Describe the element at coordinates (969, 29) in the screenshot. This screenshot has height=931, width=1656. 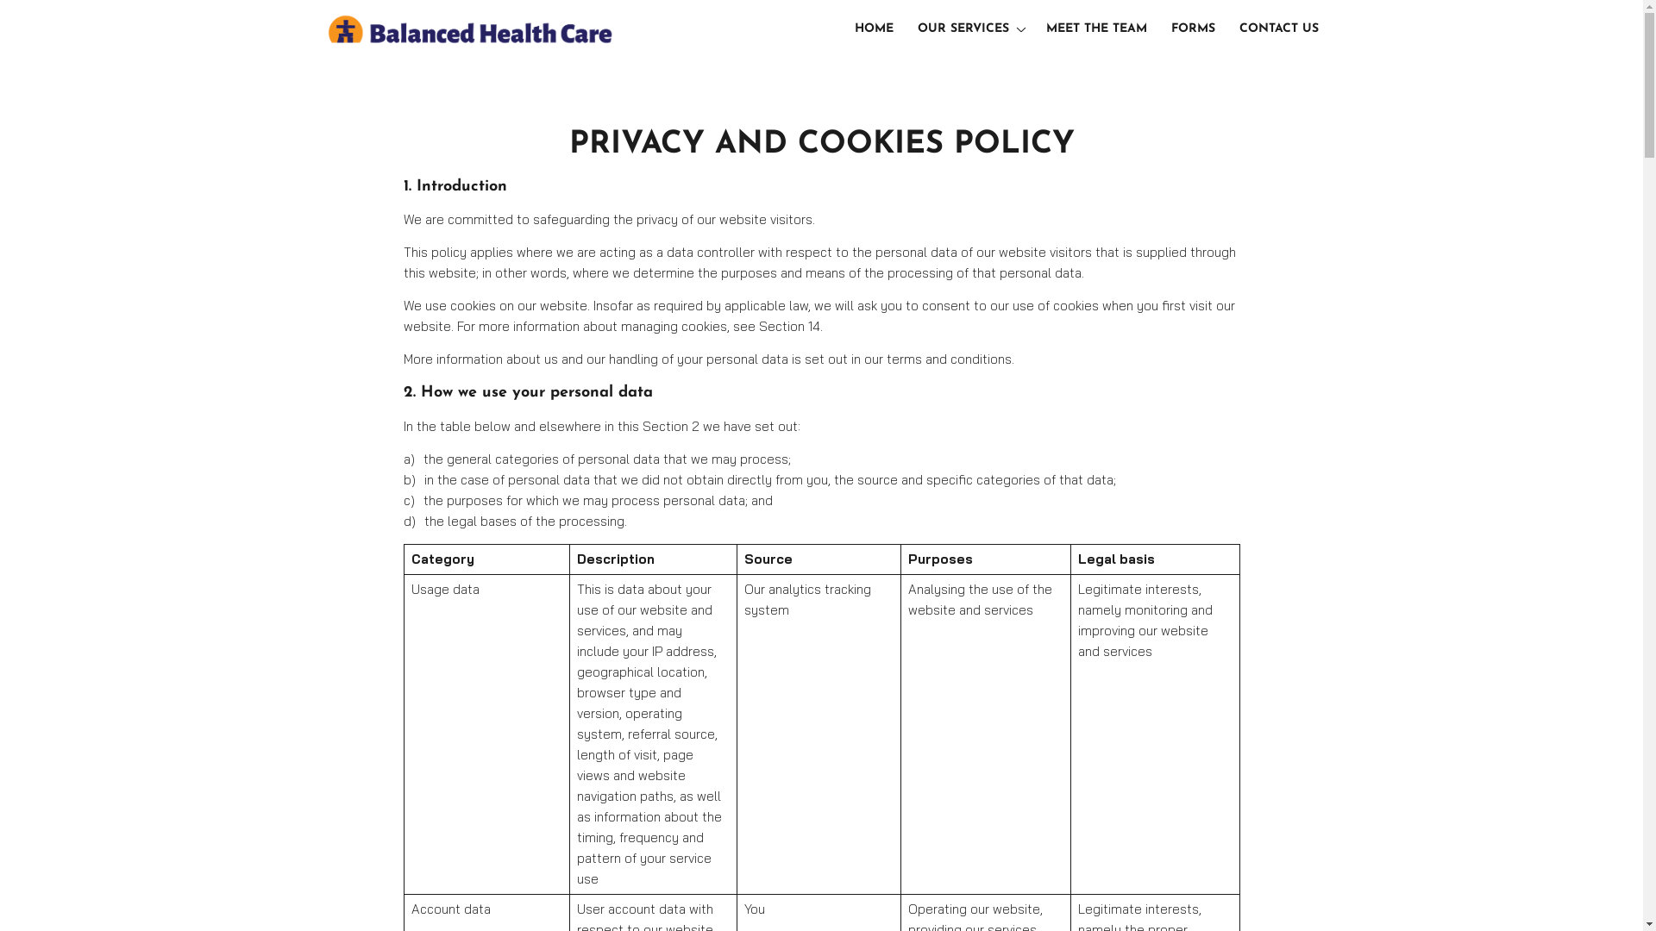
I see `'OUR SERVICES'` at that location.